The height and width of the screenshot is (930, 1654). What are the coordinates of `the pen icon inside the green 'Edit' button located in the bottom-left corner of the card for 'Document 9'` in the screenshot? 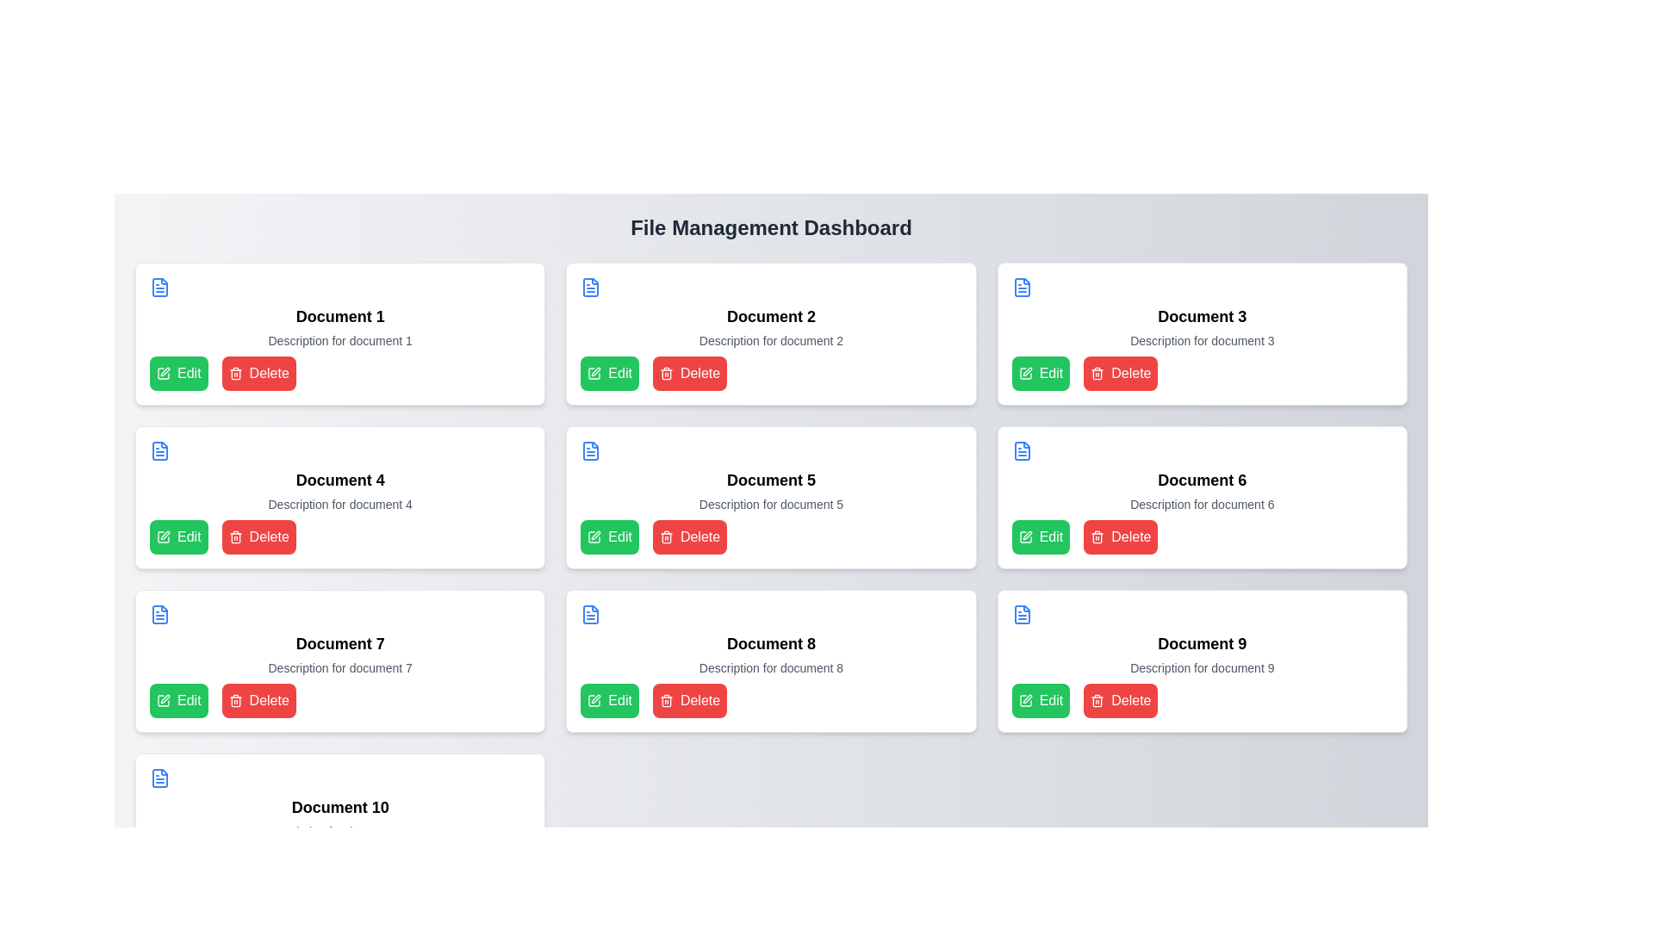 It's located at (1025, 700).